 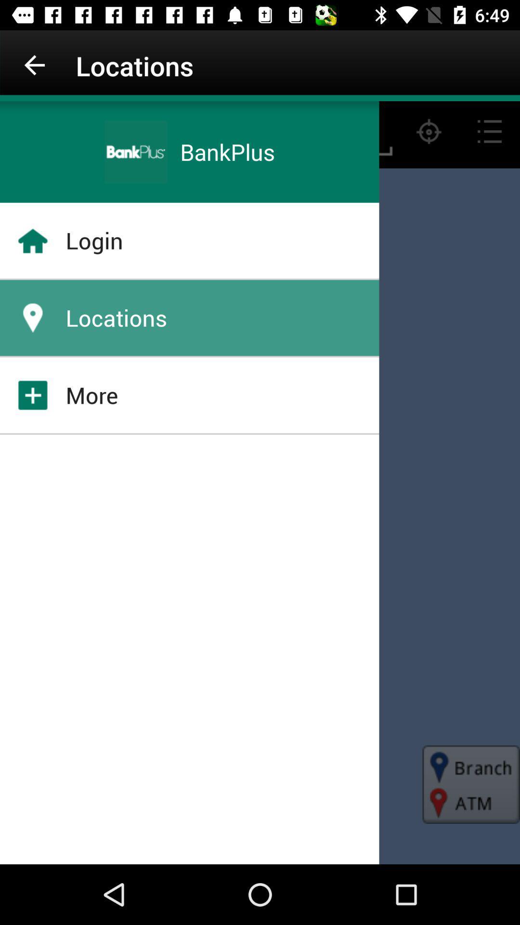 What do you see at coordinates (490, 131) in the screenshot?
I see `the list icon` at bounding box center [490, 131].